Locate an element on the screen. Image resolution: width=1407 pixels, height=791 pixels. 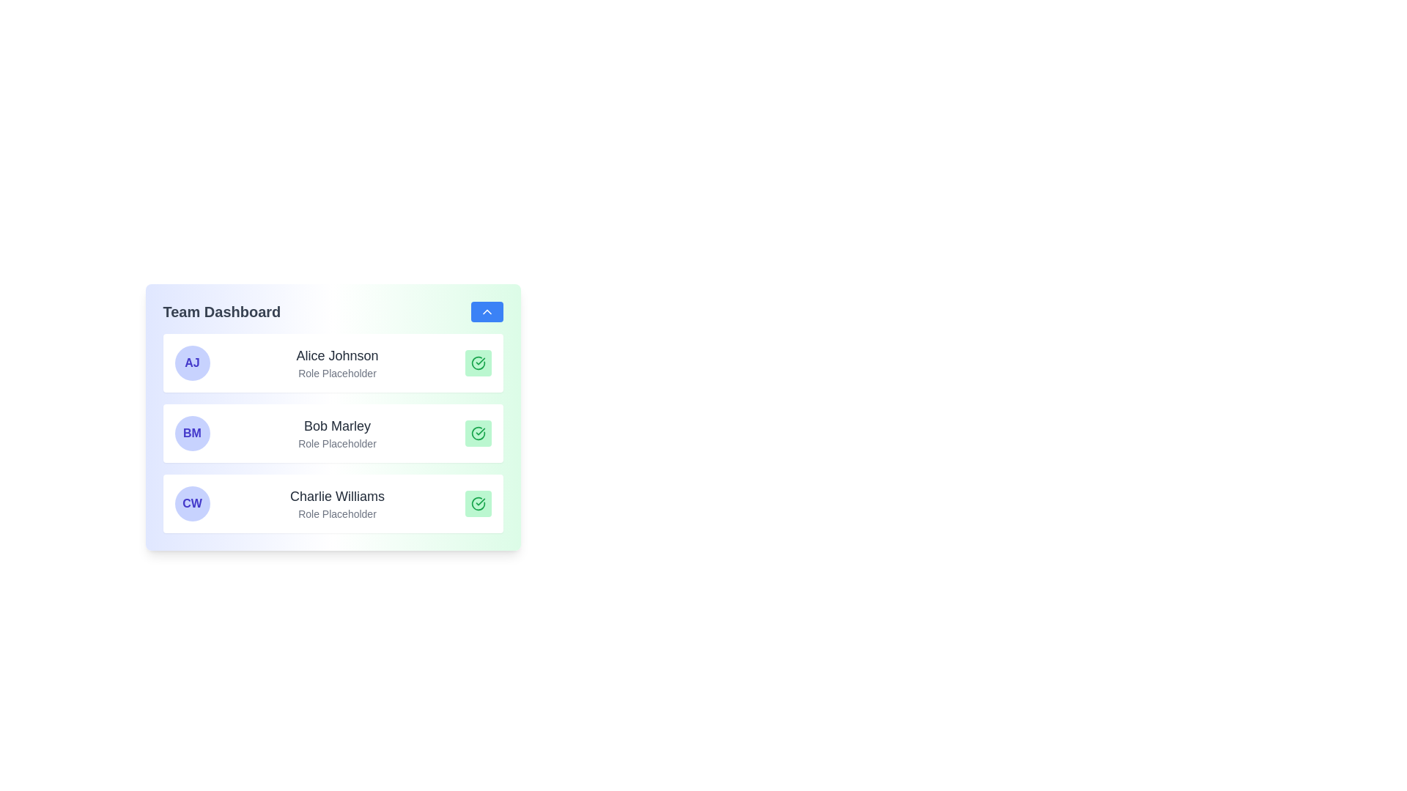
the circular icon button featuring a green check mark located to the right of 'Charlie Williams' in the bottom row of the user cards is located at coordinates (478, 502).